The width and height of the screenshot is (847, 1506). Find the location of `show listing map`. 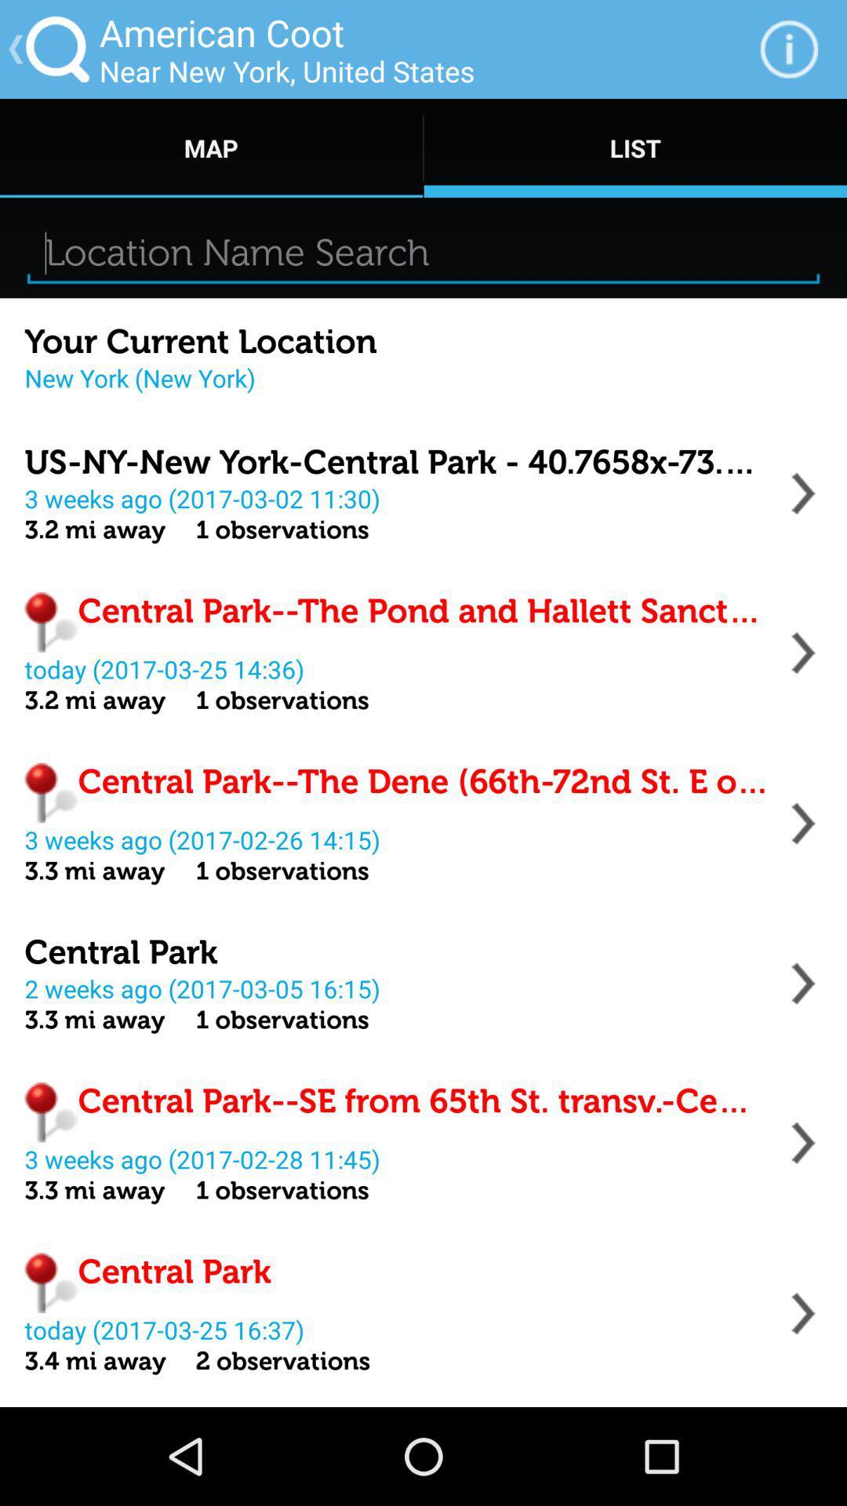

show listing map is located at coordinates (803, 653).